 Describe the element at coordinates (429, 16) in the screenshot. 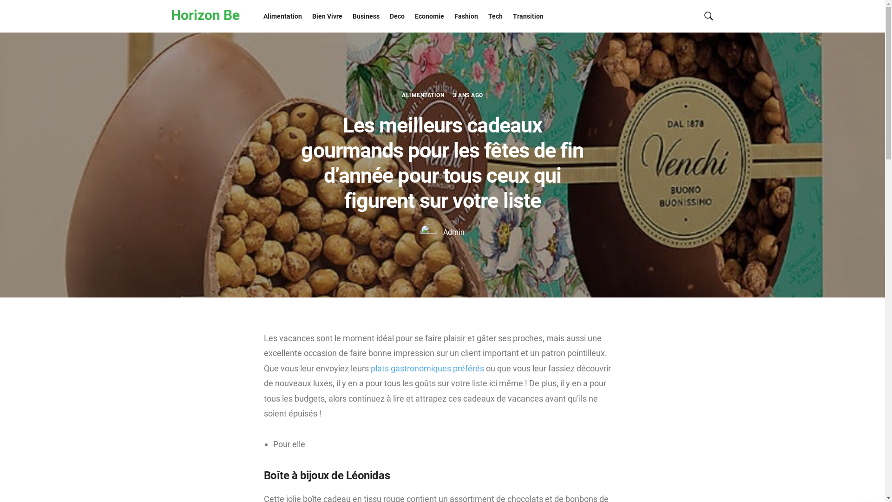

I see `'Economie'` at that location.